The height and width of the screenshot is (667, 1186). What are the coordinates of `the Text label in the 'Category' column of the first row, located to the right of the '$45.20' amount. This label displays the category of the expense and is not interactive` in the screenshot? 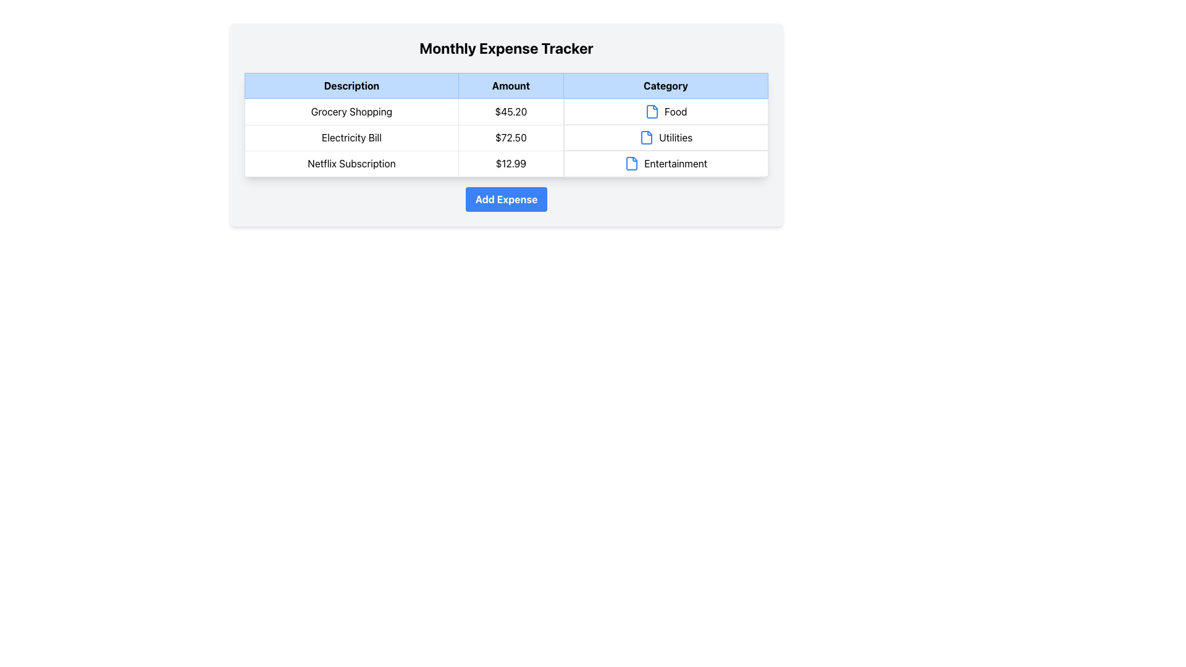 It's located at (665, 112).